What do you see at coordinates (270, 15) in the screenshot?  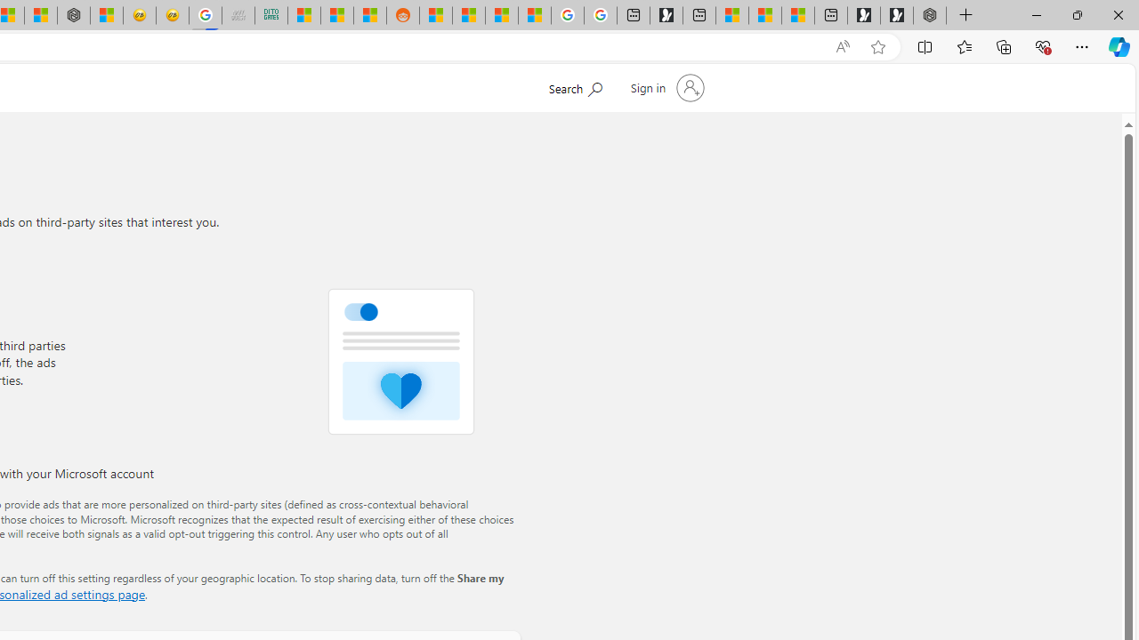 I see `'DITOGAMES AG Imprint'` at bounding box center [270, 15].